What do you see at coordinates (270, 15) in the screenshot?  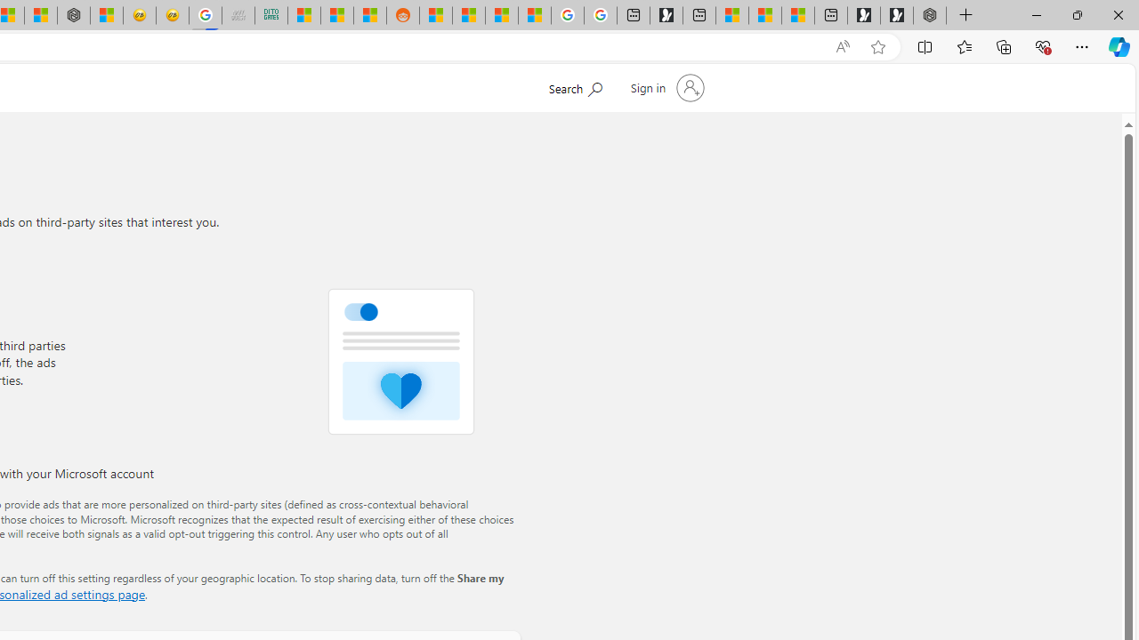 I see `'DITOGAMES AG Imprint'` at bounding box center [270, 15].